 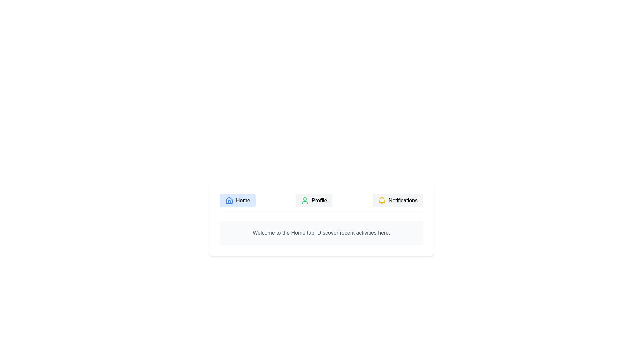 I want to click on the Notifications tab, so click(x=397, y=200).